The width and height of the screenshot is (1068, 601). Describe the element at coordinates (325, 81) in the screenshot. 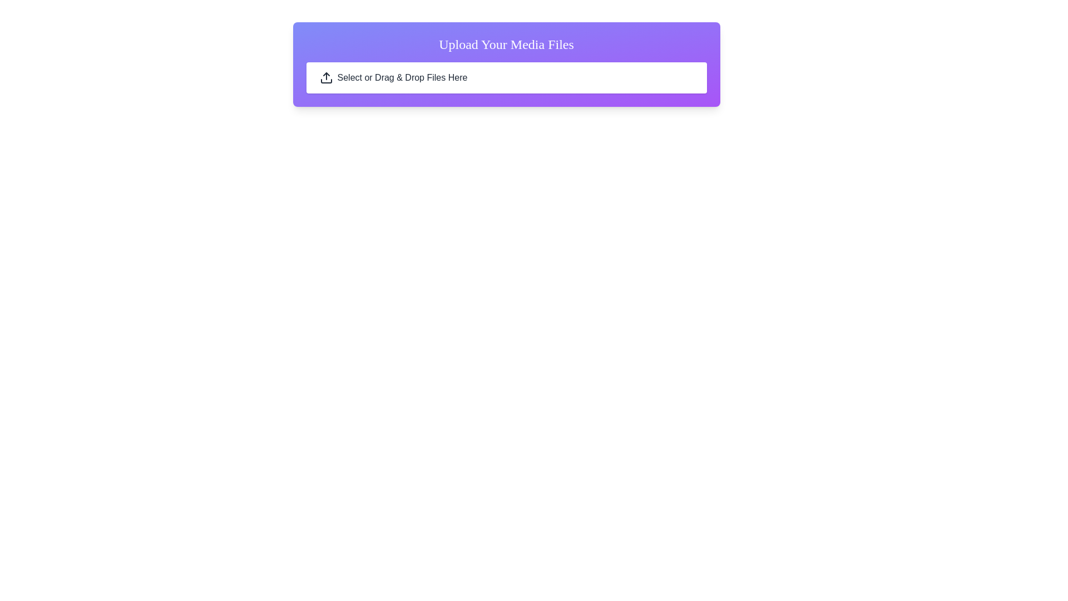

I see `the curved line segment representing the bottom part of the icon in the SVG graphic, which appears in black on a white background` at that location.